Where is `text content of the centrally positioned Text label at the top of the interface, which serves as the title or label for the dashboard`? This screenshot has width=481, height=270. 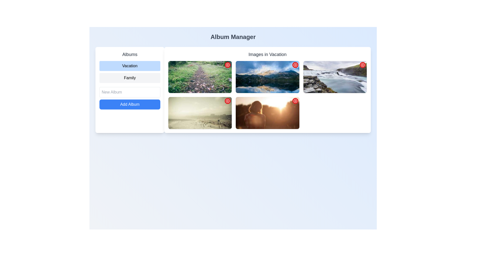 text content of the centrally positioned Text label at the top of the interface, which serves as the title or label for the dashboard is located at coordinates (233, 36).